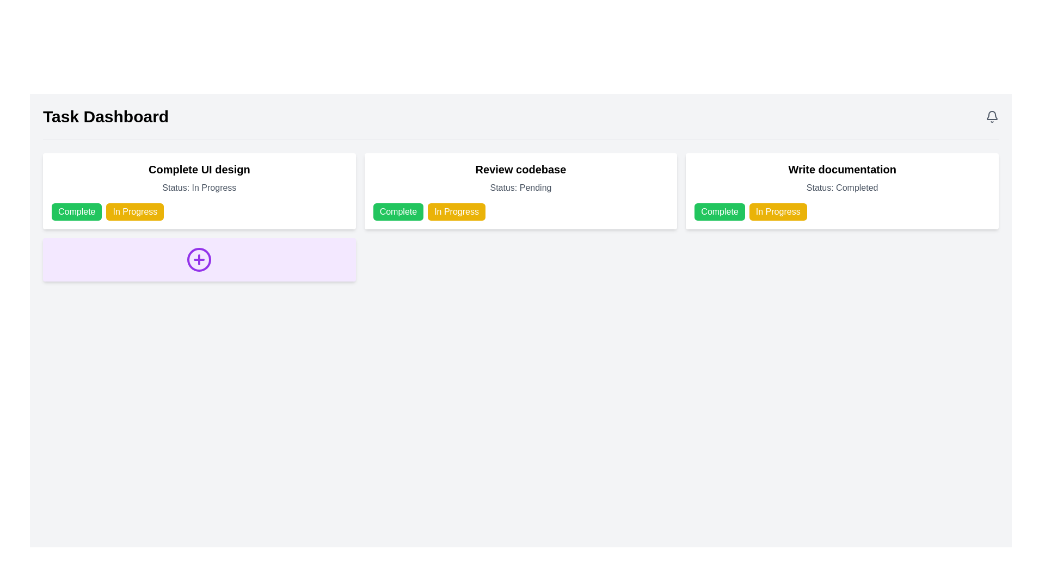 The height and width of the screenshot is (587, 1045). I want to click on the central part of the notification bell icon located in the top right corner of the interface, so click(992, 115).